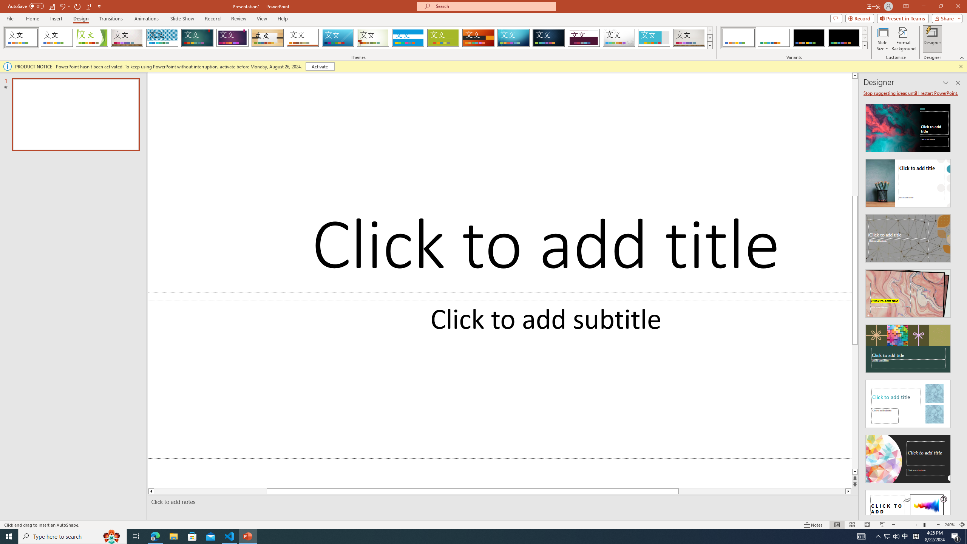  What do you see at coordinates (904, 39) in the screenshot?
I see `'Format Background'` at bounding box center [904, 39].